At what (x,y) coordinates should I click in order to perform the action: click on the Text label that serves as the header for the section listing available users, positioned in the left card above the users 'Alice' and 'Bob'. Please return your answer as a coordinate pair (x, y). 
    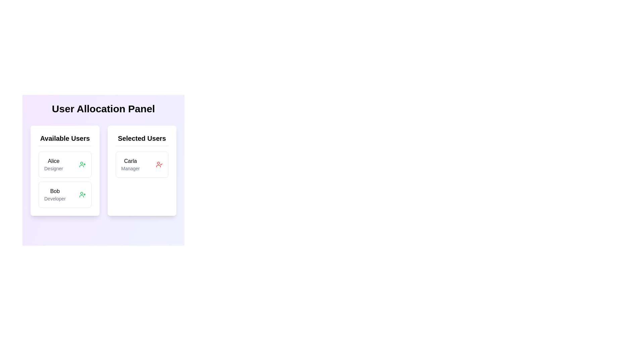
    Looking at the image, I should click on (65, 139).